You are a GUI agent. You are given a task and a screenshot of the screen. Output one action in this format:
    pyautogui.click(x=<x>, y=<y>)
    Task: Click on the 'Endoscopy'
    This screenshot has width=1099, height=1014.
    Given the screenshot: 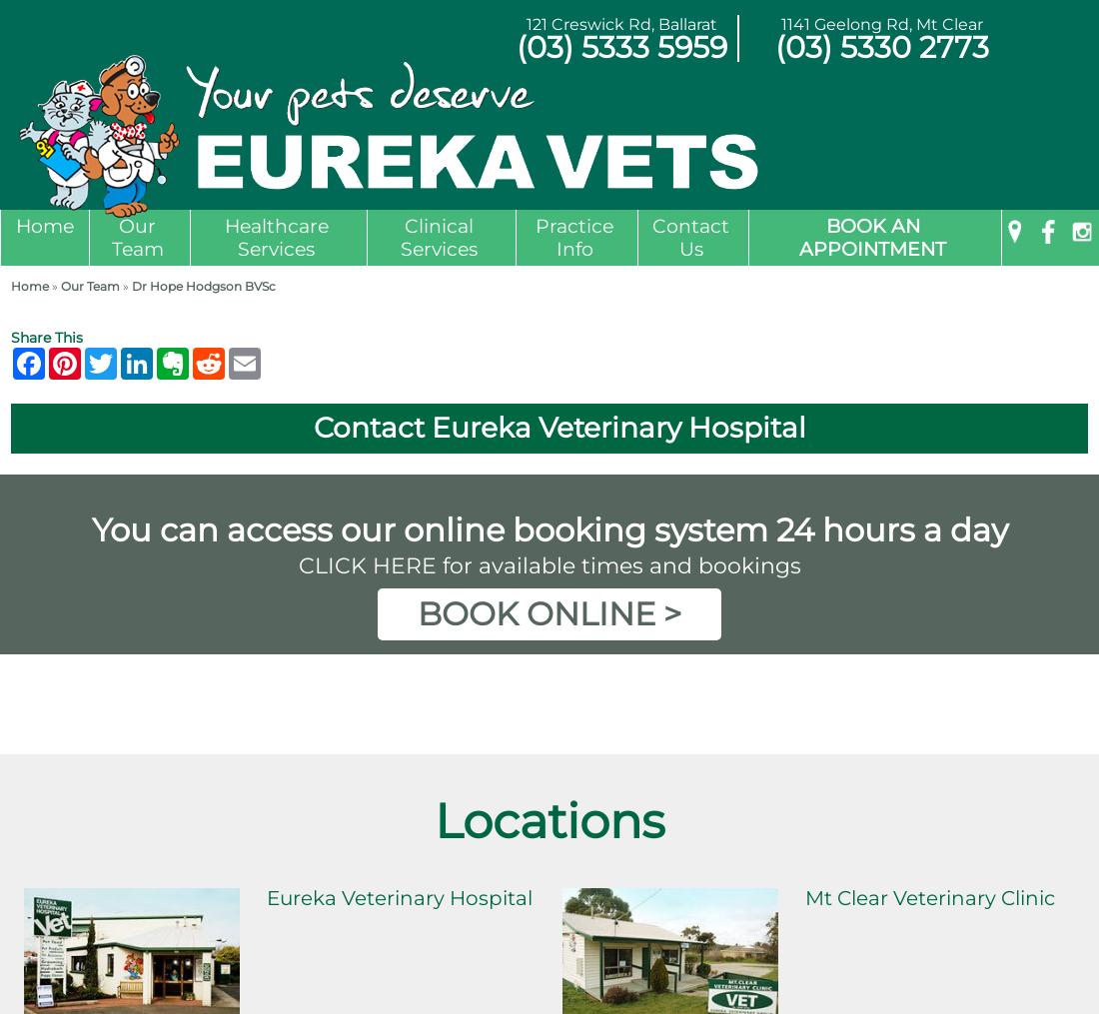 What is the action you would take?
    pyautogui.click(x=419, y=551)
    